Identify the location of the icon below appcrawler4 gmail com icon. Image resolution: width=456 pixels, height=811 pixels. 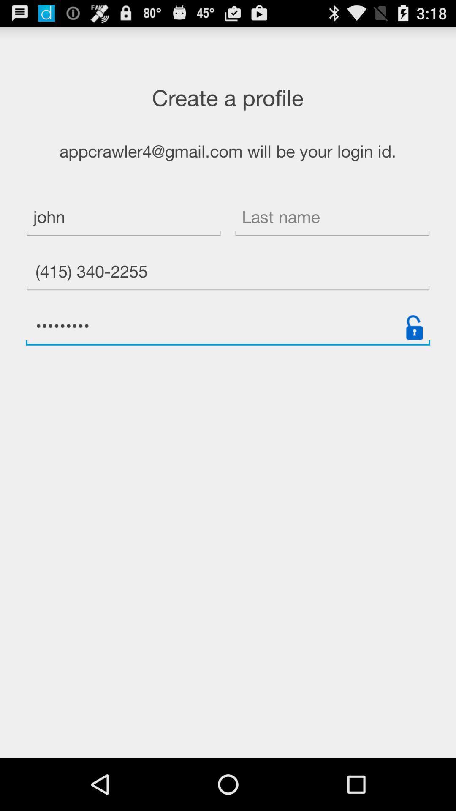
(332, 218).